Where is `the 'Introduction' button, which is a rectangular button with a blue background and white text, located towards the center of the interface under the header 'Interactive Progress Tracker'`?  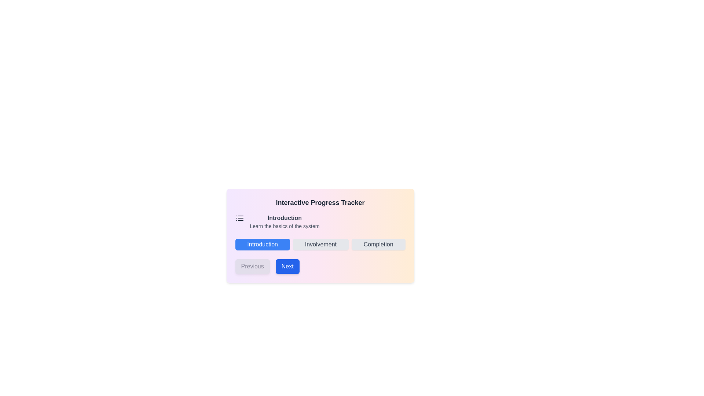
the 'Introduction' button, which is a rectangular button with a blue background and white text, located towards the center of the interface under the header 'Interactive Progress Tracker' is located at coordinates (263, 245).